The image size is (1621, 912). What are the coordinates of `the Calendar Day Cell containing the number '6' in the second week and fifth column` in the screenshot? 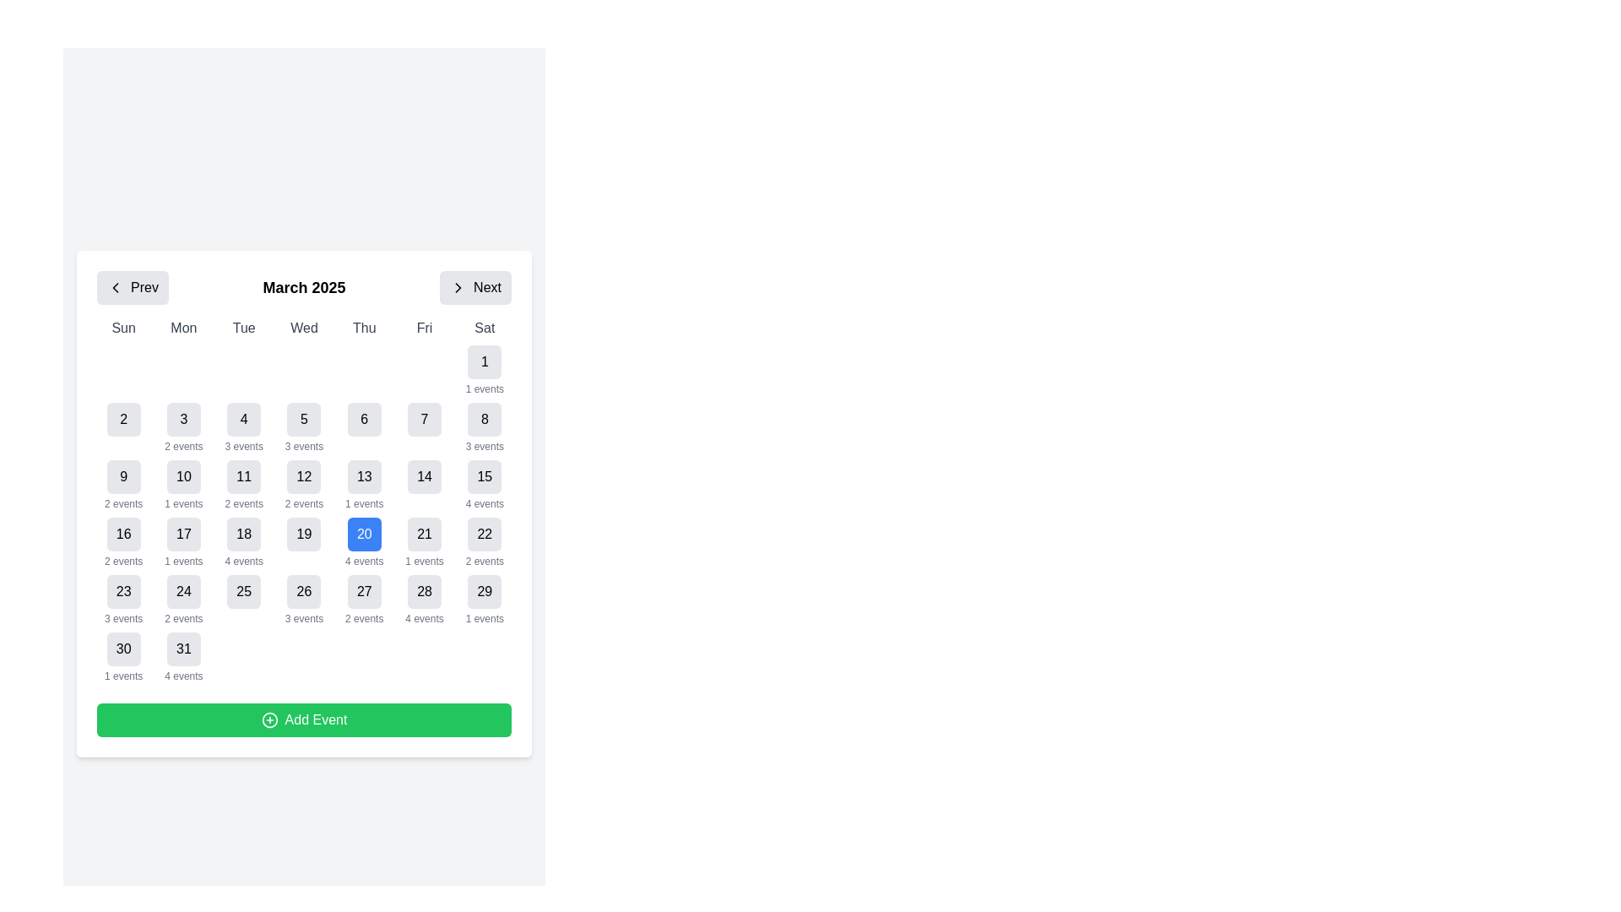 It's located at (363, 426).